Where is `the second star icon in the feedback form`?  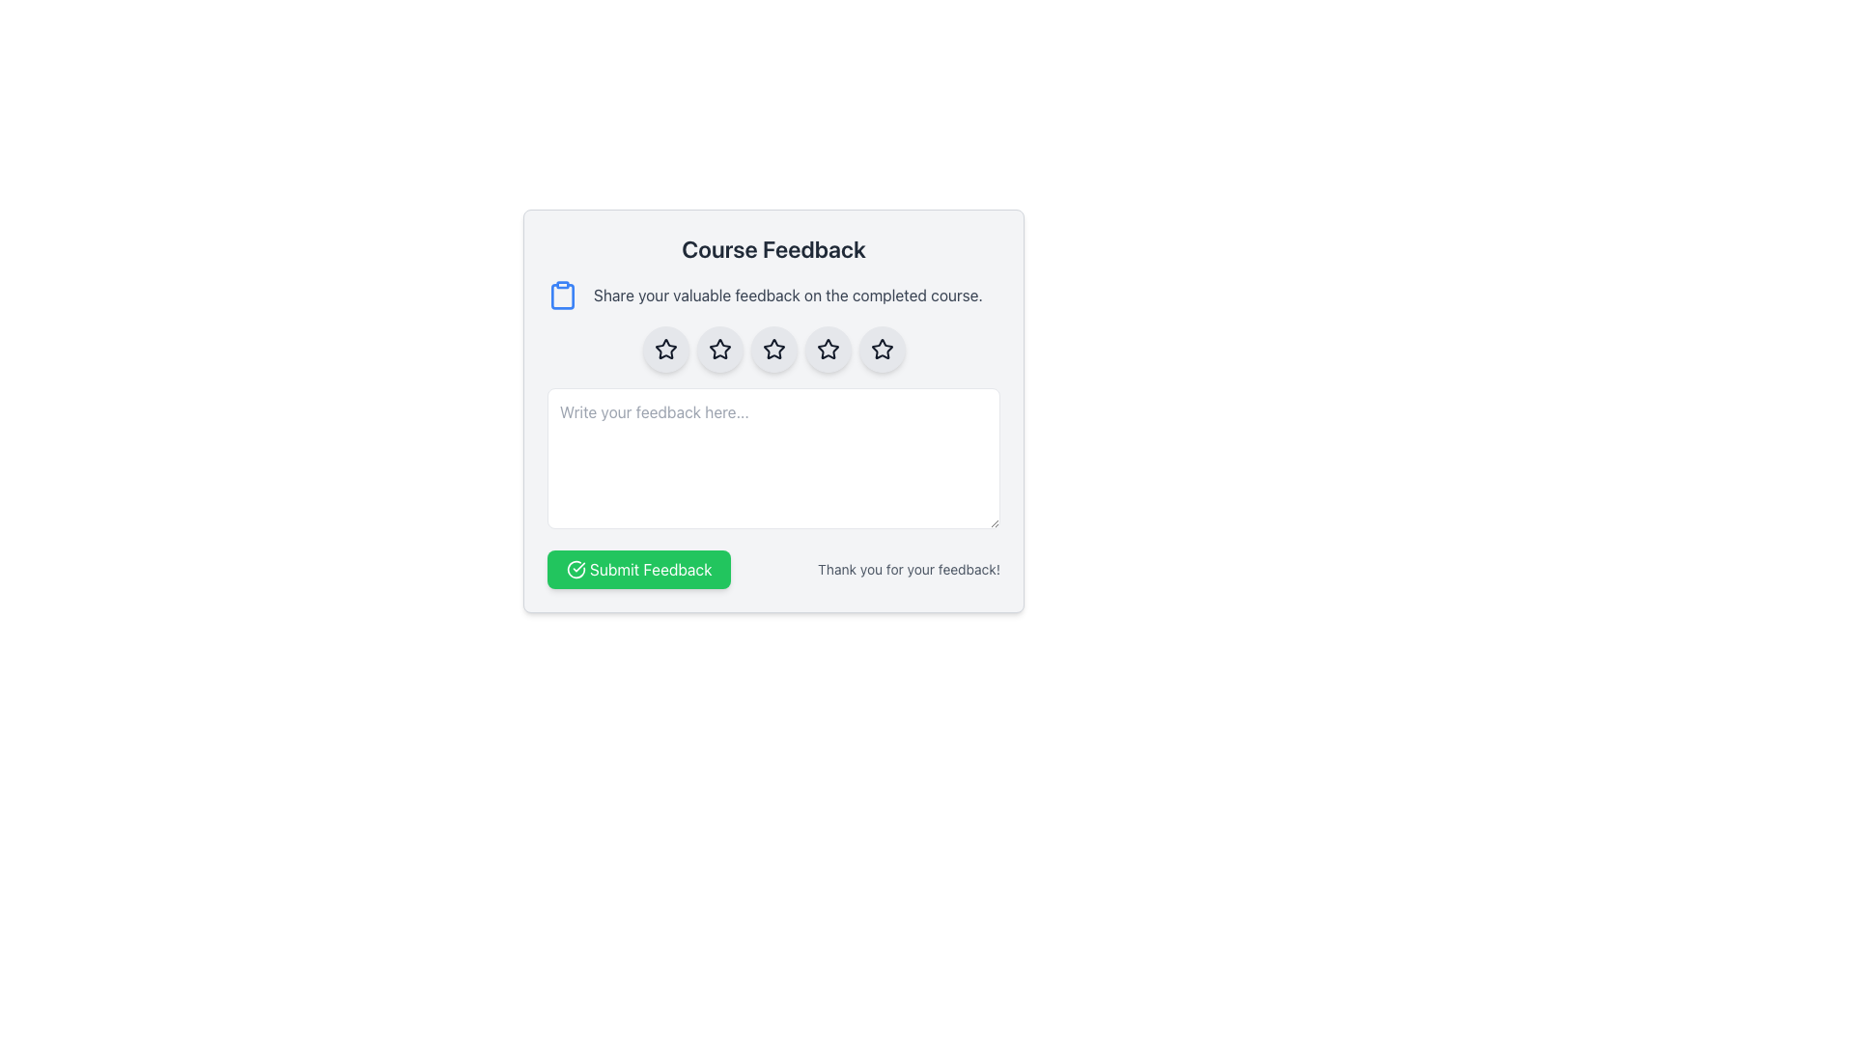
the second star icon in the feedback form is located at coordinates (718, 349).